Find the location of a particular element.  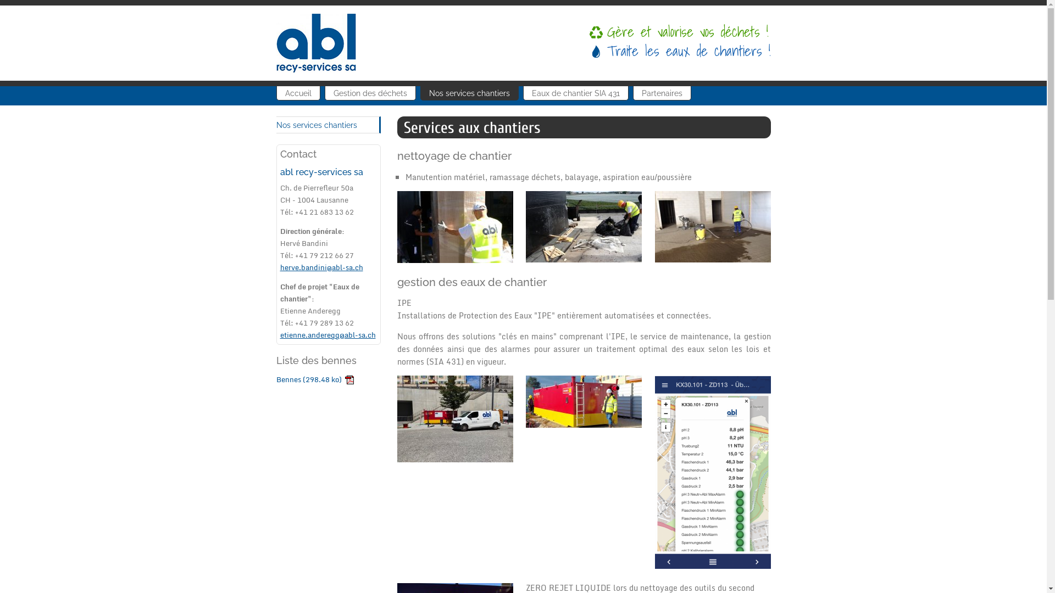

'Eaux de chantier SIA 431' is located at coordinates (575, 92).